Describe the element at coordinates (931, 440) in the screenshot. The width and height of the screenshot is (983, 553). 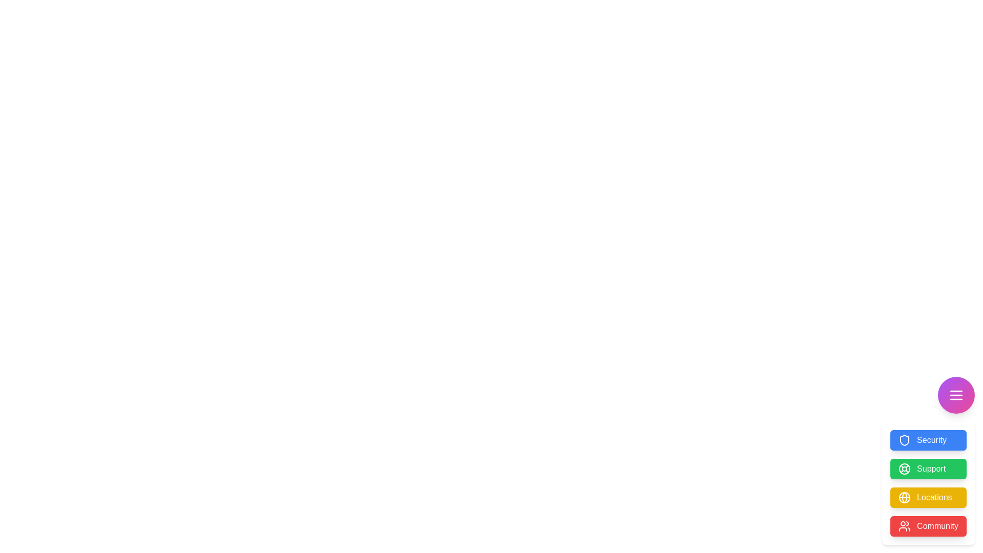
I see `the 'Security' text label located in the vertical menu near the bottom-right corner, adjacent to a shield icon` at that location.